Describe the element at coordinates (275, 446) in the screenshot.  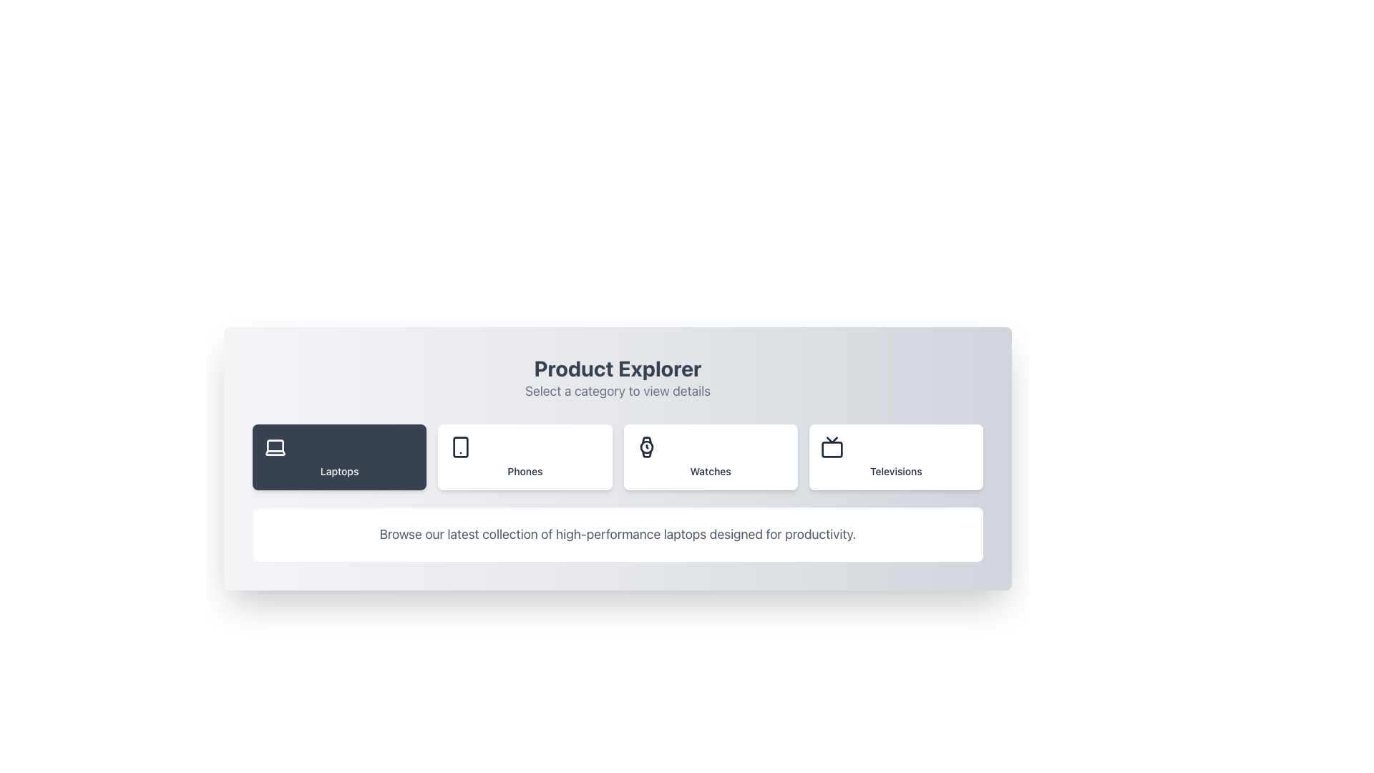
I see `the 'Laptops' category icon, which is the first item in the horizontal list of options located below the 'Product Explorer' title` at that location.